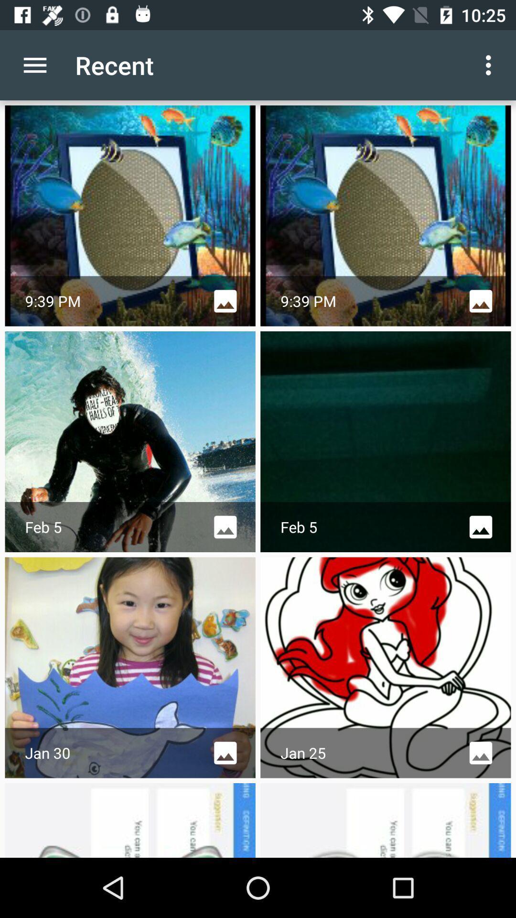 This screenshot has width=516, height=918. What do you see at coordinates (130, 667) in the screenshot?
I see `jan 30` at bounding box center [130, 667].